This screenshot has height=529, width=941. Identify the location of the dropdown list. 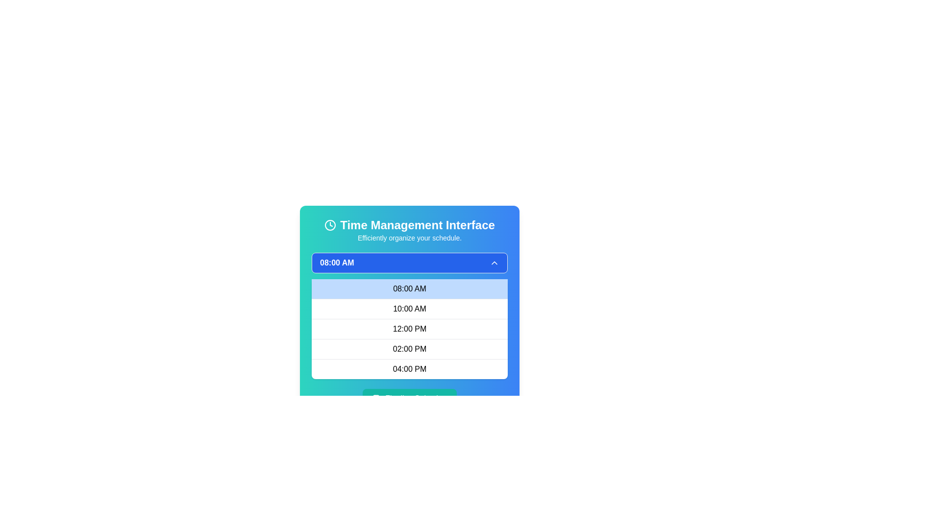
(409, 329).